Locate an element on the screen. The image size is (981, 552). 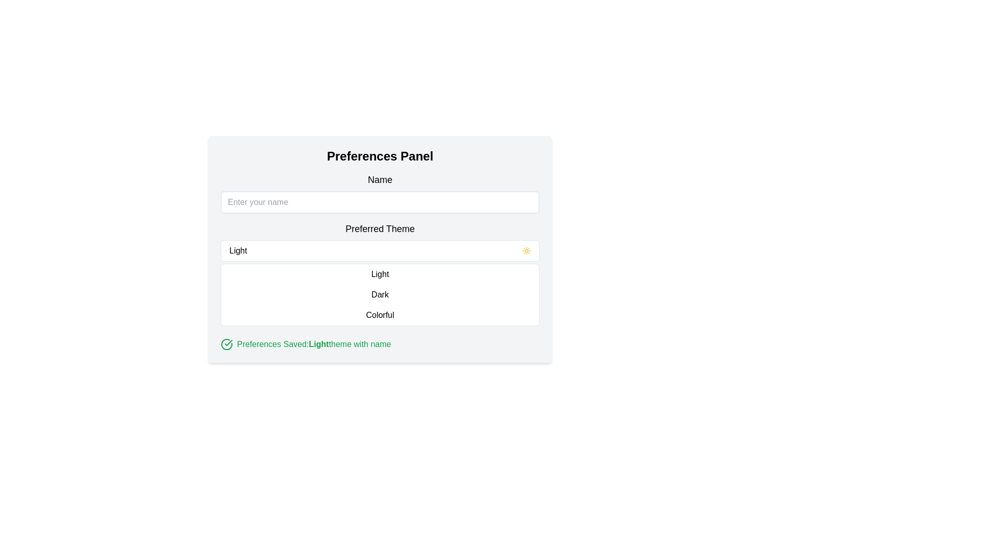
the circular icon with a green outline and checkmark, located at the far-left side of the block containing the text 'Preferences Saved: Light theme with name' is located at coordinates (226, 344).